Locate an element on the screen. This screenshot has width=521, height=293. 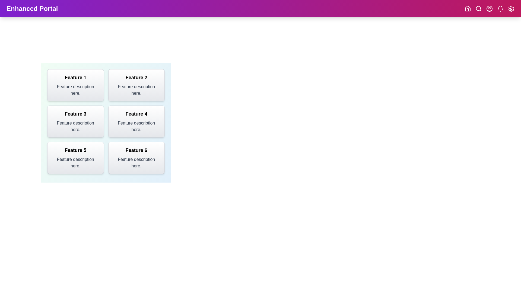
the navigation icon settings to see its hover effect is located at coordinates (511, 8).